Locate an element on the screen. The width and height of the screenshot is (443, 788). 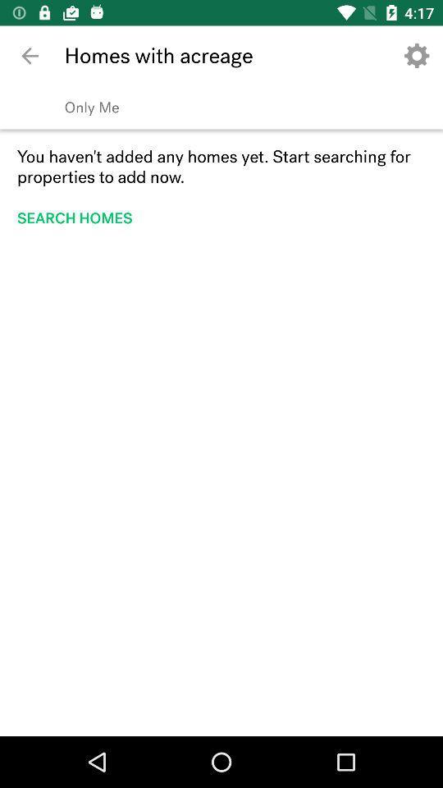
item to the left of homes with acreage app is located at coordinates (30, 56).